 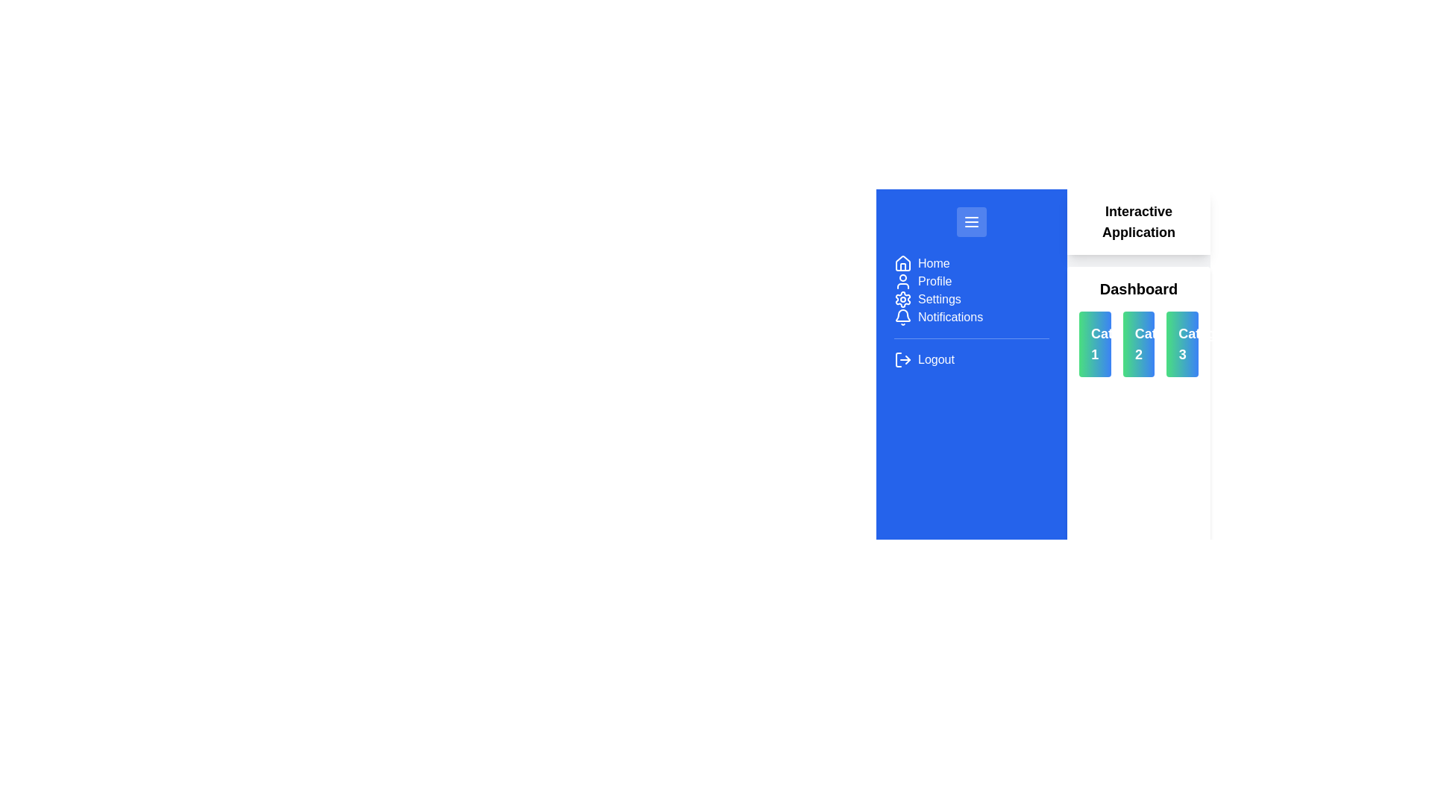 What do you see at coordinates (1137, 326) in the screenshot?
I see `'Category 2' in the dashboard to view detailed options` at bounding box center [1137, 326].